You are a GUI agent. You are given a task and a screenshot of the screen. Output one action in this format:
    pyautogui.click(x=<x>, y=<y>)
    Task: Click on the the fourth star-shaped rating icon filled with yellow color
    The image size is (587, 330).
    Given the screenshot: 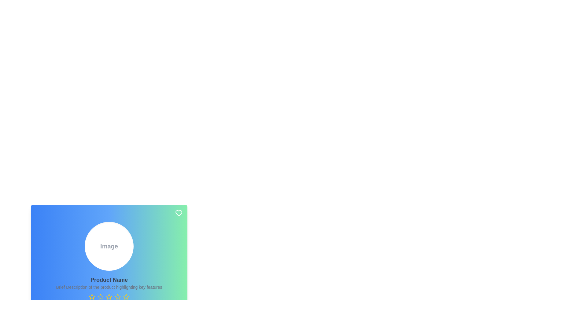 What is the action you would take?
    pyautogui.click(x=109, y=297)
    